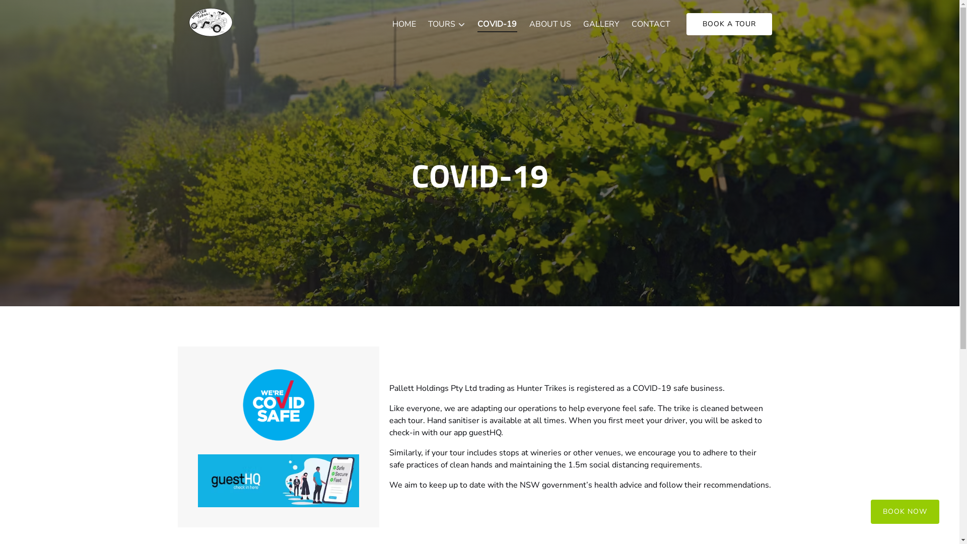 This screenshot has height=544, width=967. I want to click on 'TOURS', so click(446, 23).